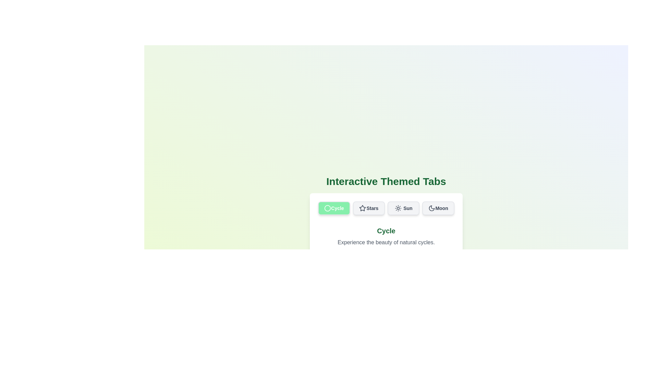  What do you see at coordinates (438, 208) in the screenshot?
I see `the tab labeled Moon` at bounding box center [438, 208].